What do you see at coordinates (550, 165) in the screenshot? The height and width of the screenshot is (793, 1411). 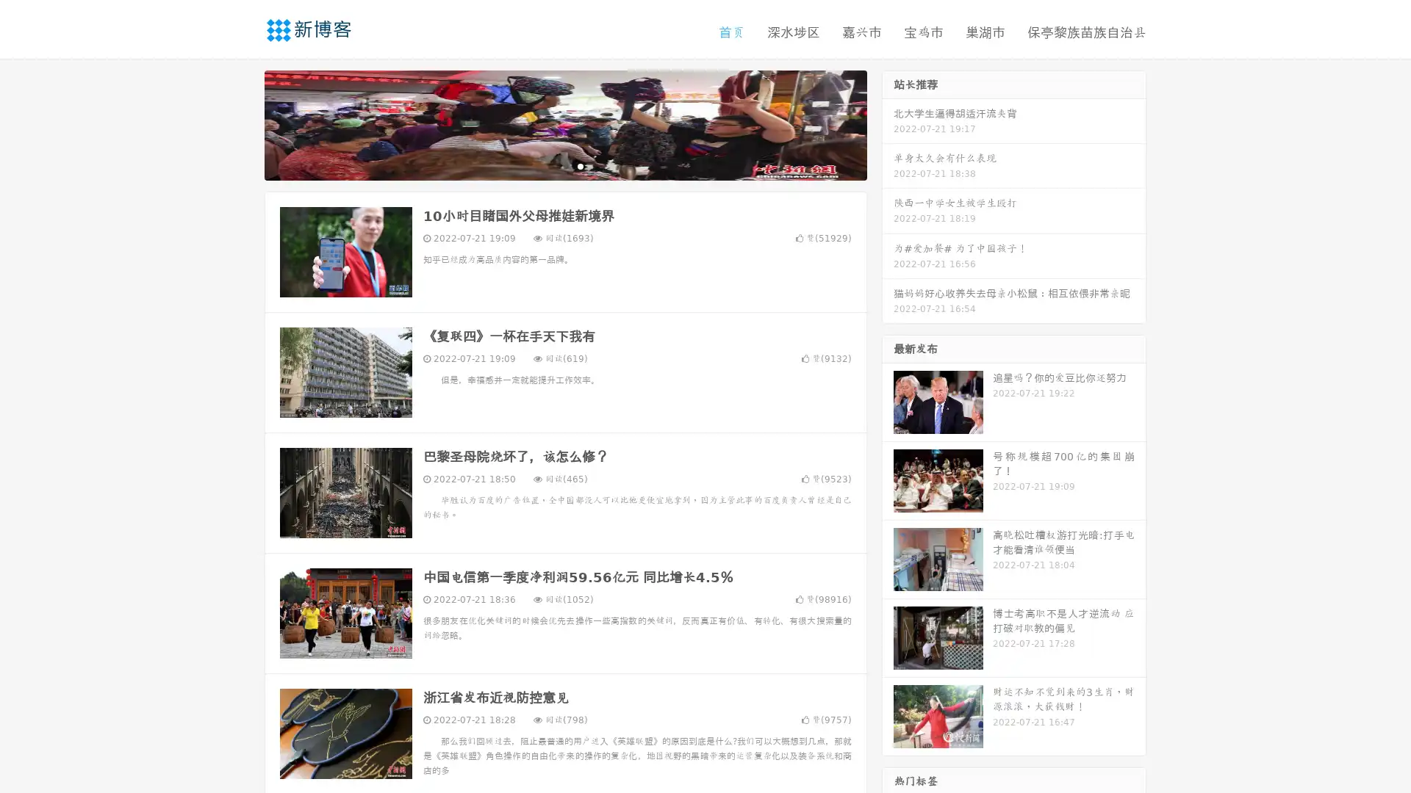 I see `Go to slide 1` at bounding box center [550, 165].